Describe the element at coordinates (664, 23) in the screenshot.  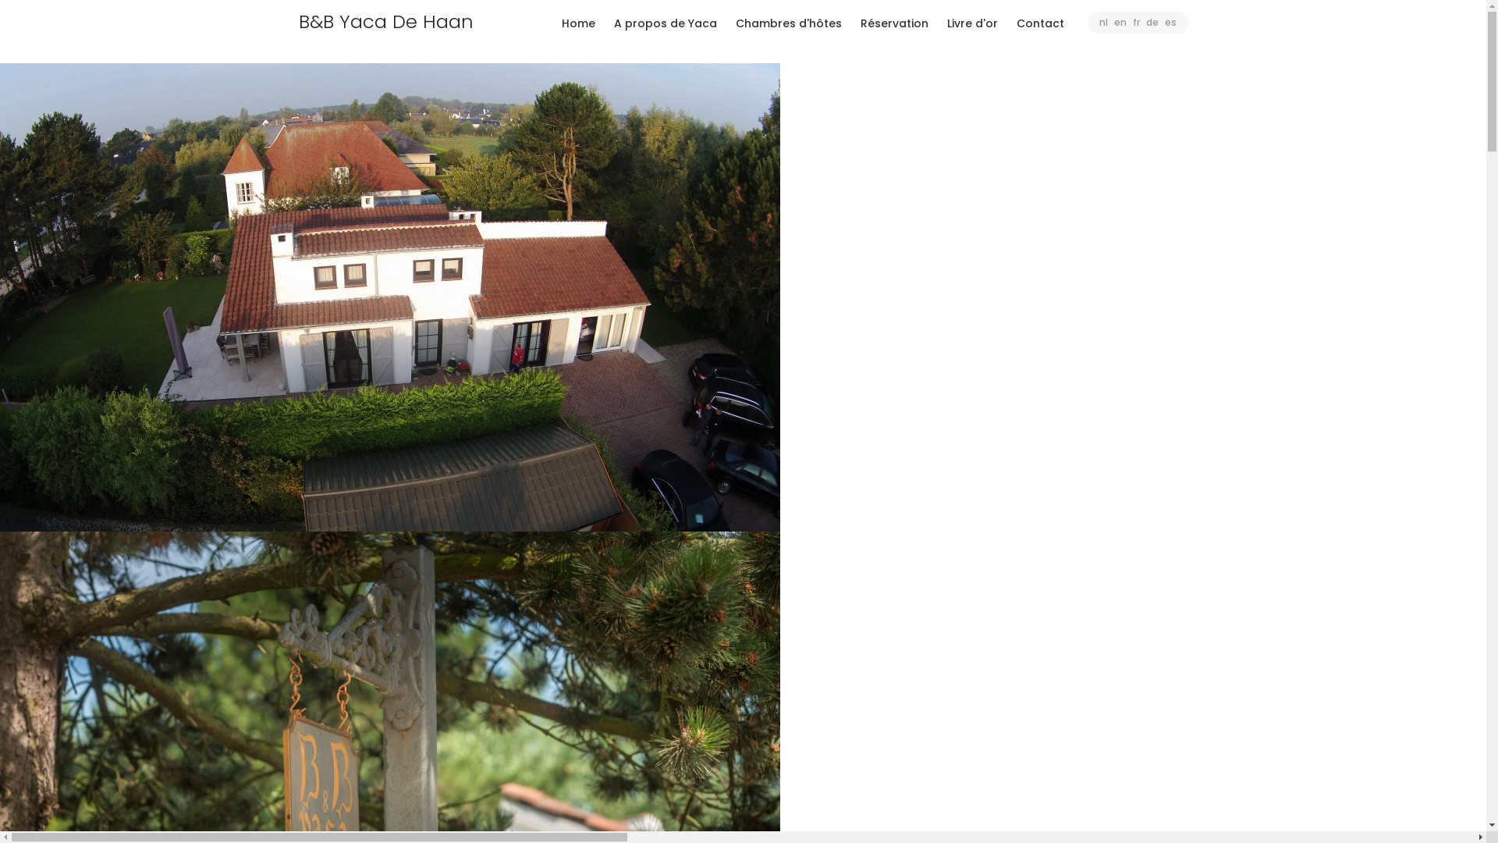
I see `'A propos de Yaca'` at that location.